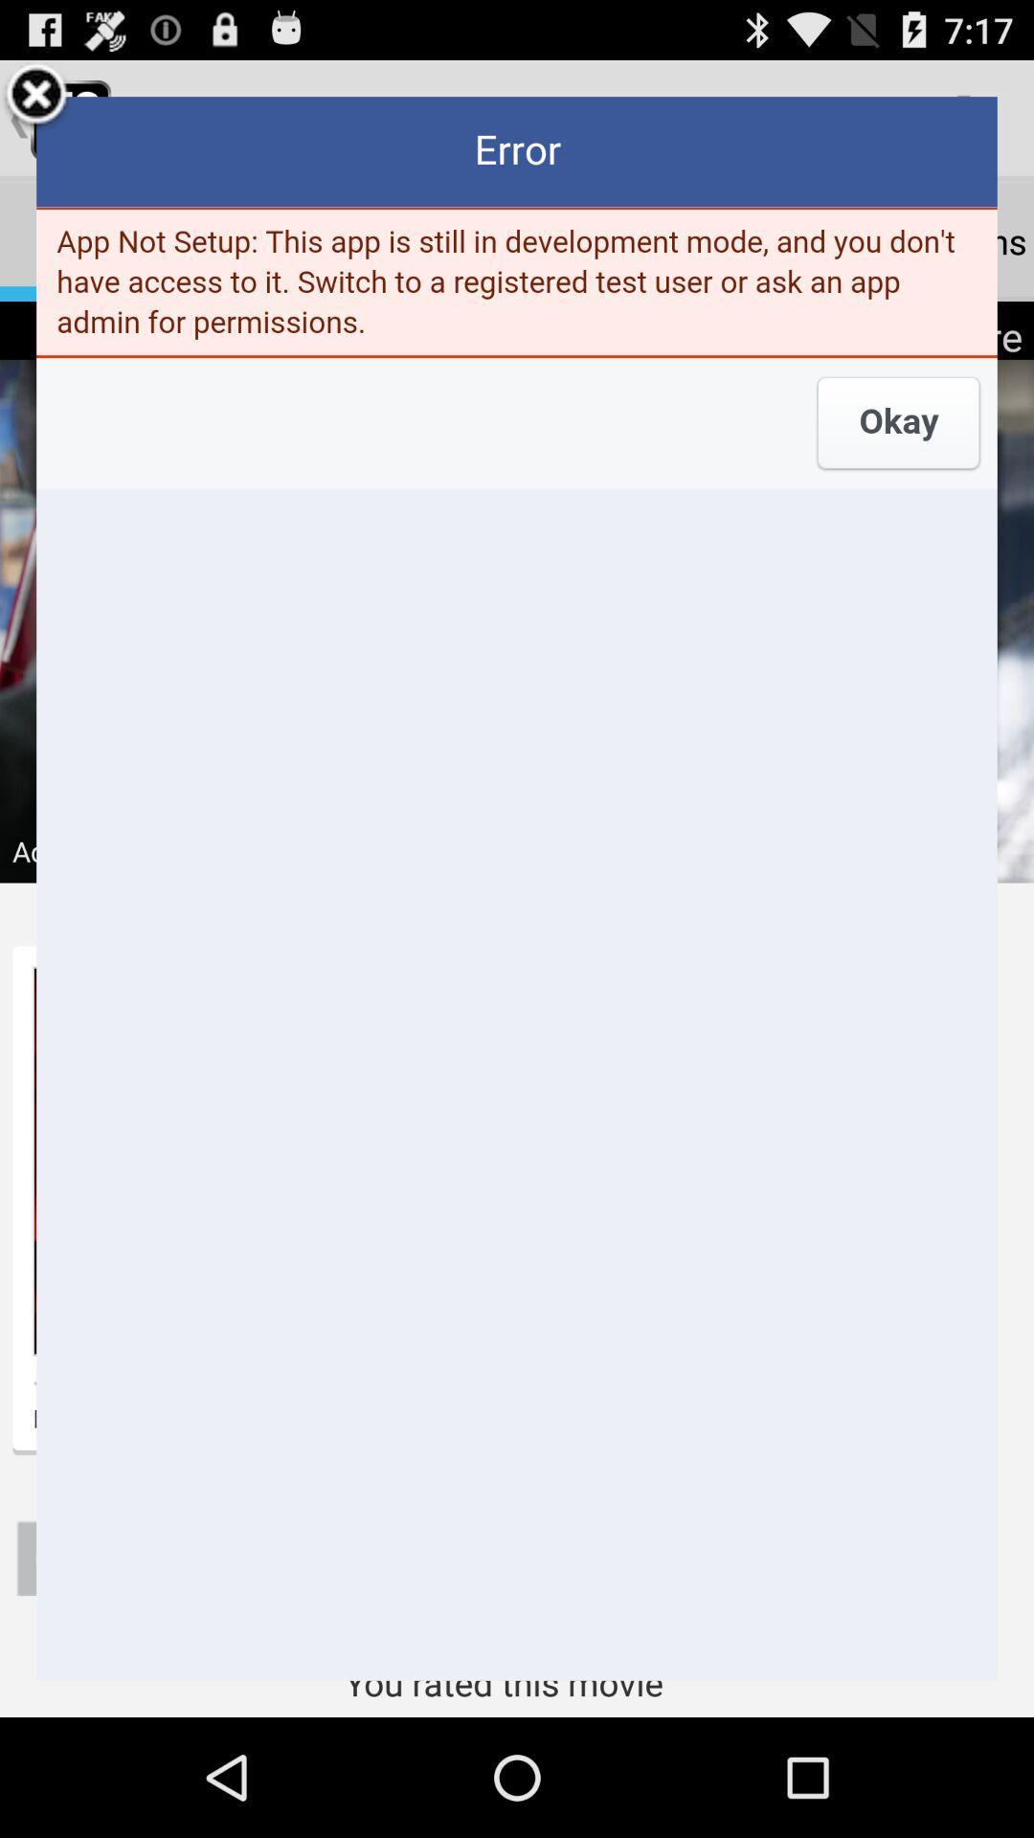  Describe the element at coordinates (36, 96) in the screenshot. I see `click the cross` at that location.